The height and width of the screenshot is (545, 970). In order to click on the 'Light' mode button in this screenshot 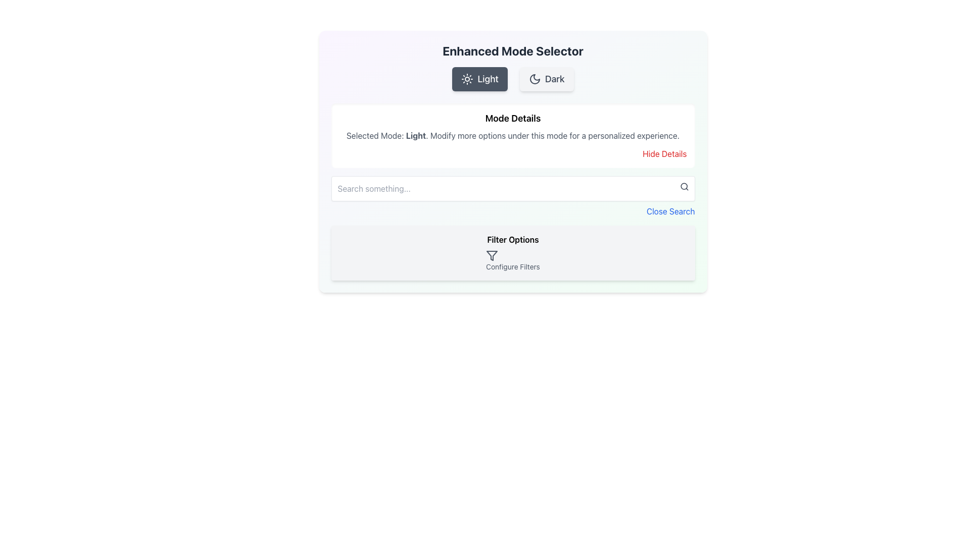, I will do `click(479, 79)`.